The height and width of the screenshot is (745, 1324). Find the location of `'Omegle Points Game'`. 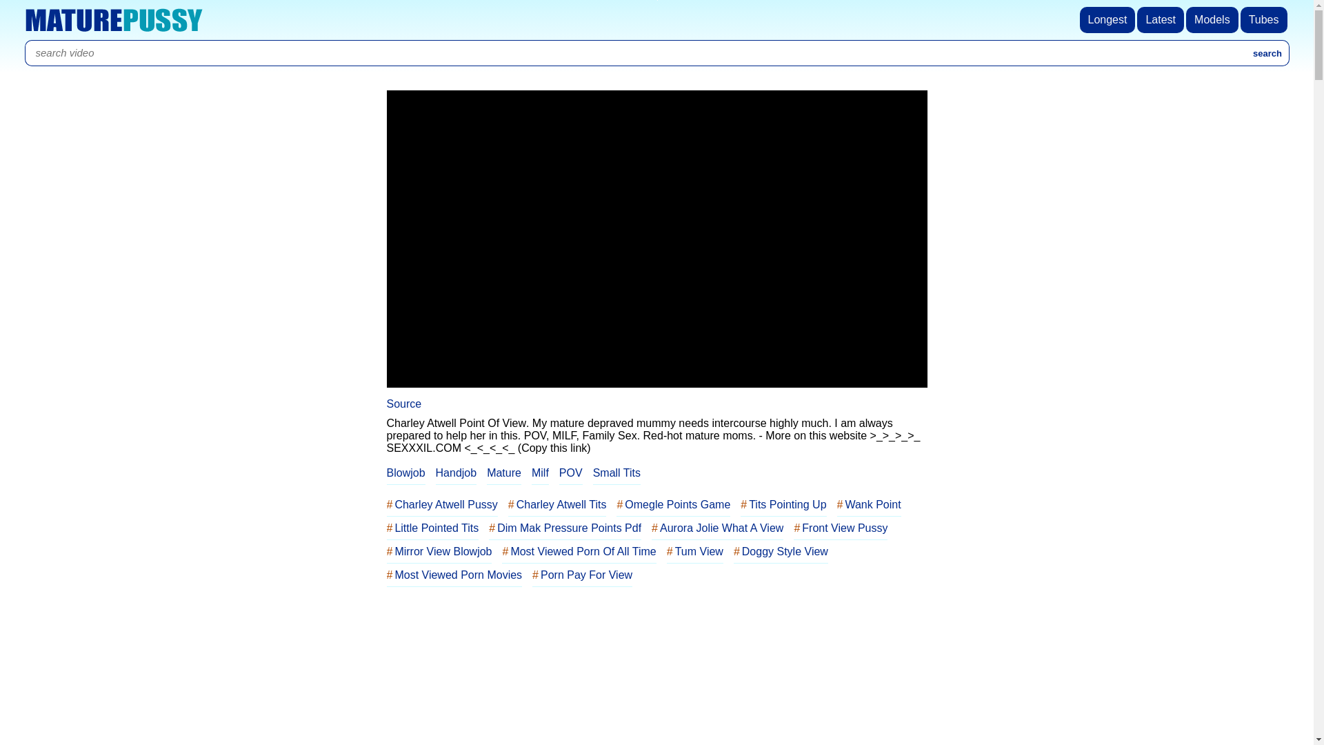

'Omegle Points Game' is located at coordinates (615, 505).